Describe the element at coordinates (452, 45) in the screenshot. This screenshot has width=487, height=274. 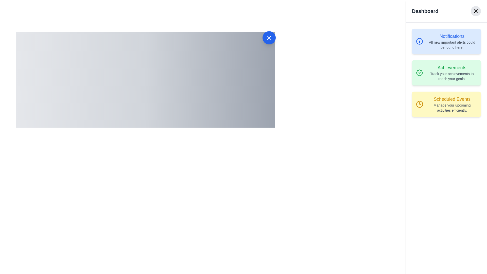
I see `the static text that provides additional details about the notifications section, located beneath the 'Notifications' title text in the notification card of the sidebar` at that location.